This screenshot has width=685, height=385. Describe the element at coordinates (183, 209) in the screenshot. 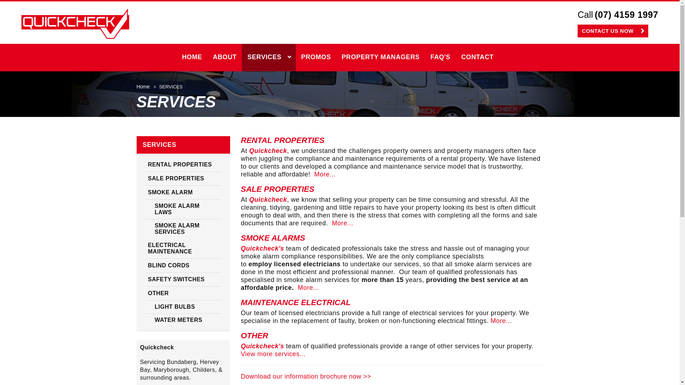

I see `'SMOKE ALARM LAWS'` at that location.